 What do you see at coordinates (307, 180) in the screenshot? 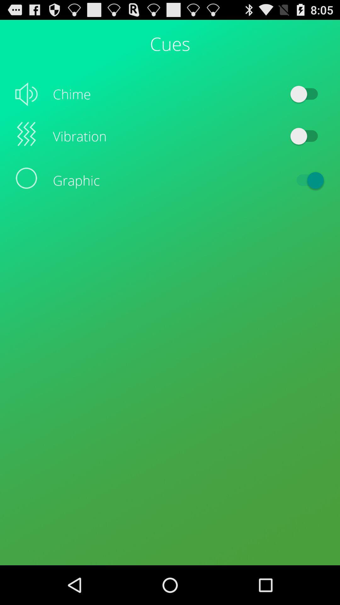
I see `item to the right of graphic` at bounding box center [307, 180].